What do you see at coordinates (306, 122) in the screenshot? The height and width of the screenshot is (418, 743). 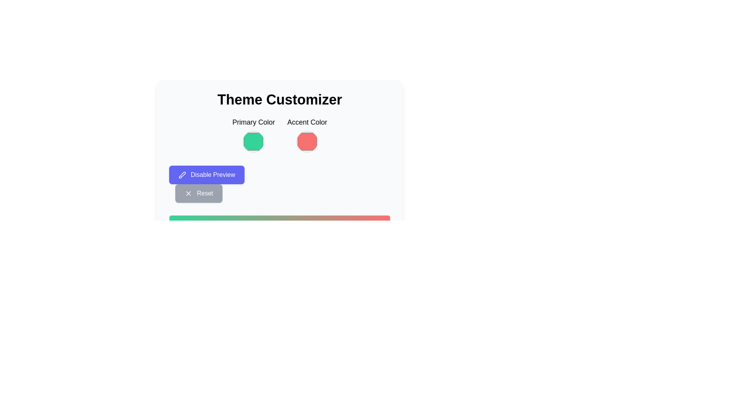 I see `the Text label that describes the functionality of the color selection, positioned near the top-right section of the interface, aligned horizontally with the 'Primary Color' label` at bounding box center [306, 122].